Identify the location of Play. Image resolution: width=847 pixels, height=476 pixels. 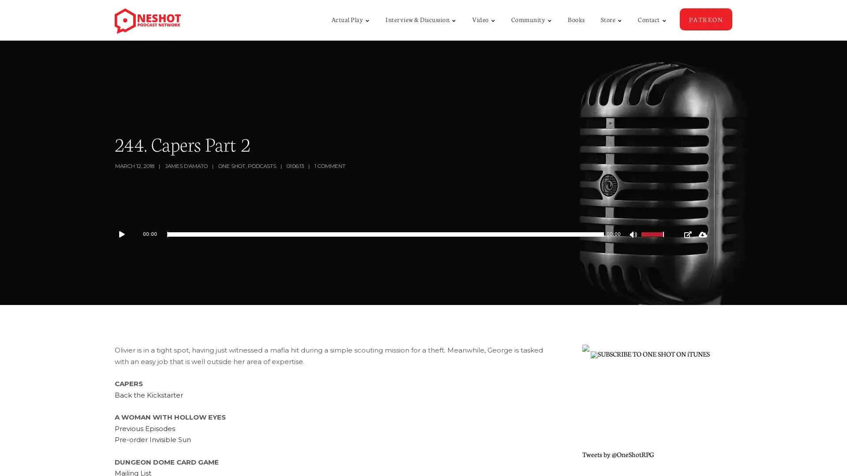
(126, 234).